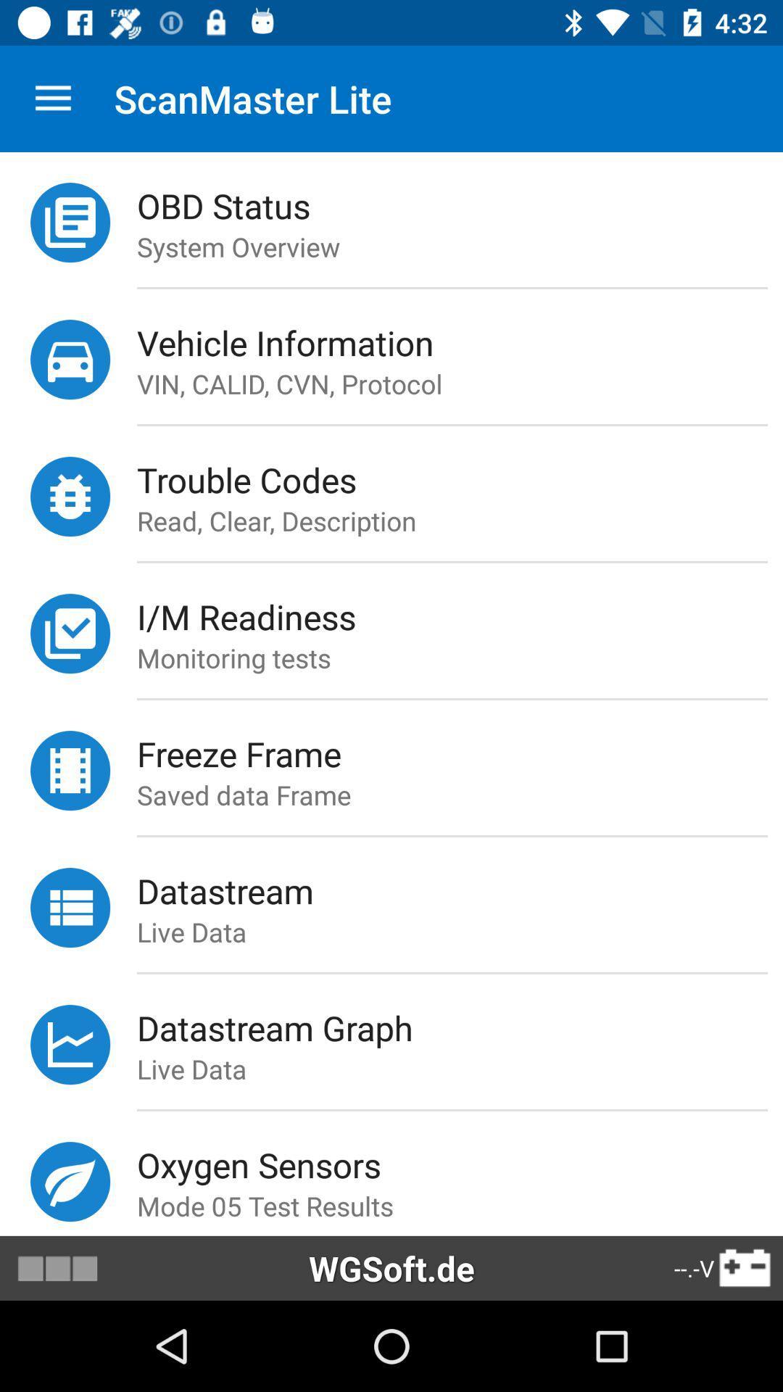 The height and width of the screenshot is (1392, 783). I want to click on app to the left of the scanmaster lite item, so click(52, 98).